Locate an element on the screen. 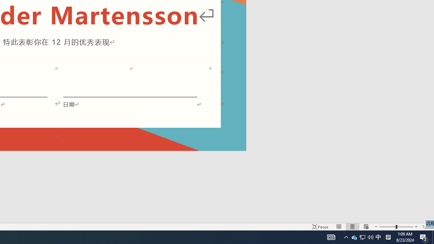  'Focus ' is located at coordinates (320, 227).